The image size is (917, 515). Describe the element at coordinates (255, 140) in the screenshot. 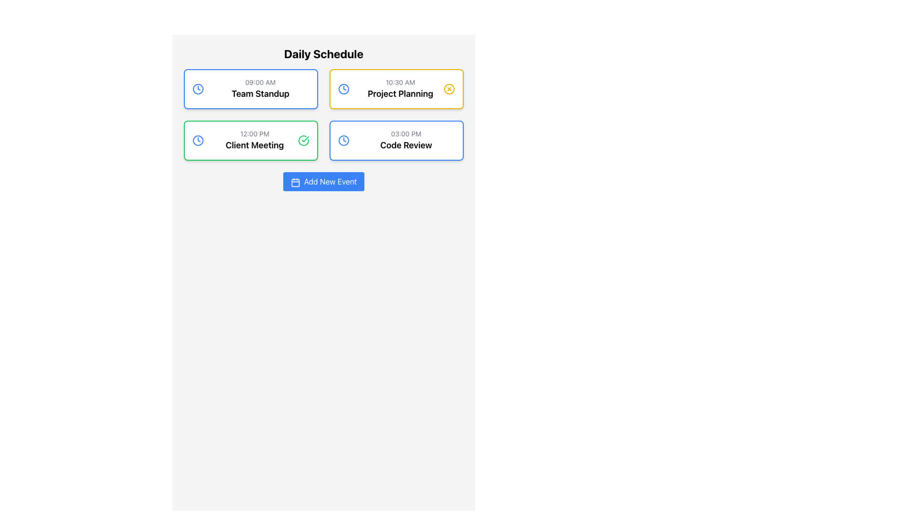

I see `the Text Block element displaying '12:00 PM' and 'Client Meeting', which is located in the second row of the 'Daily Schedule' grid layout` at that location.